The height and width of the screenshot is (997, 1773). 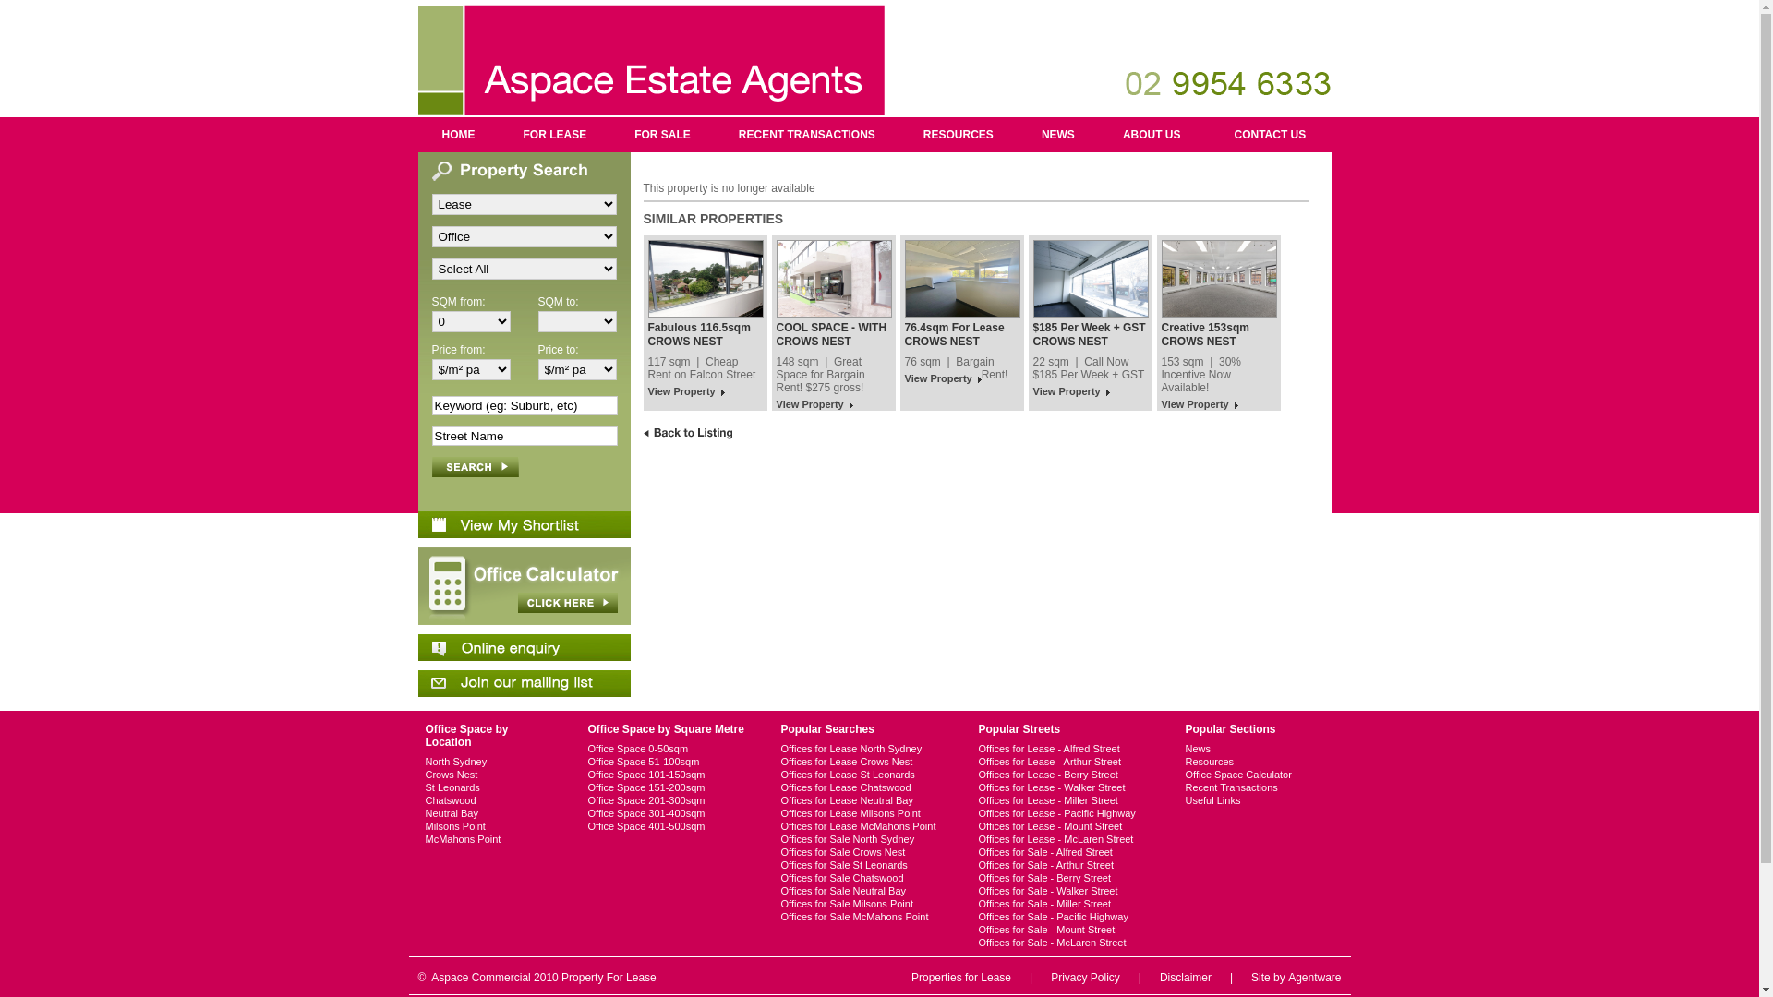 What do you see at coordinates (1099, 134) in the screenshot?
I see `'ABOUT US'` at bounding box center [1099, 134].